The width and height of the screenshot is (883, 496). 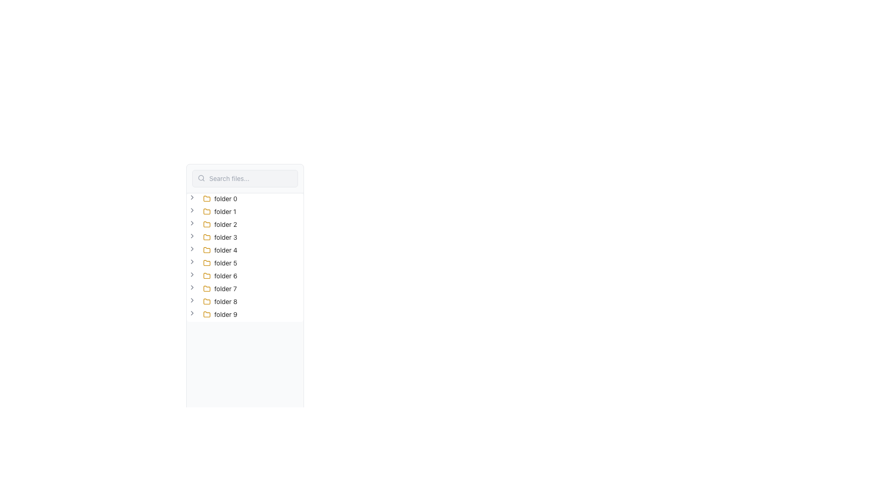 I want to click on the Toggler button (tree structure) with a chevron-shaped icon pointing to the right, located to the immediate left of the folder icon labeled 'folder 9', so click(x=191, y=314).